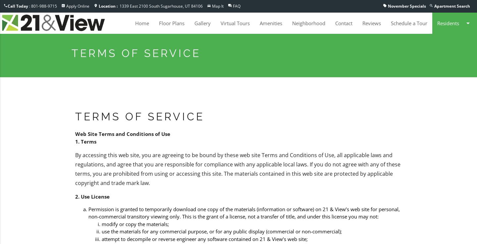 This screenshot has width=477, height=244. What do you see at coordinates (271, 23) in the screenshot?
I see `'Amenities'` at bounding box center [271, 23].